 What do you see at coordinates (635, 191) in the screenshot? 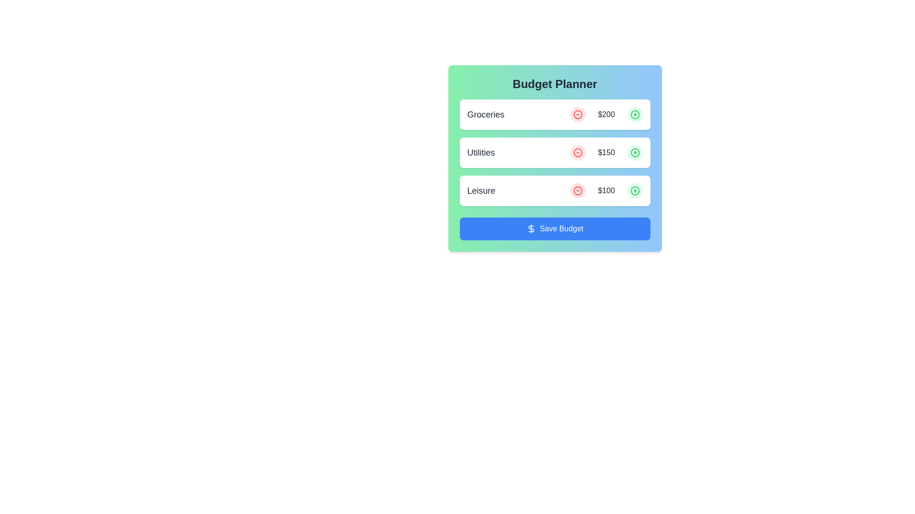
I see `the small circular green button with a plus icon located in the 'Leisure' budget row` at bounding box center [635, 191].